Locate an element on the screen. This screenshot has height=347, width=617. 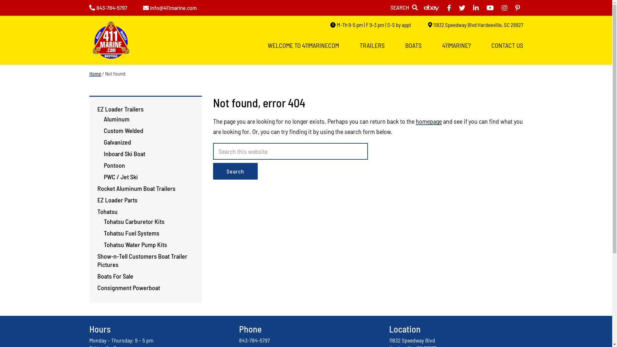
'Inboard Ski Boat' is located at coordinates (124, 154).